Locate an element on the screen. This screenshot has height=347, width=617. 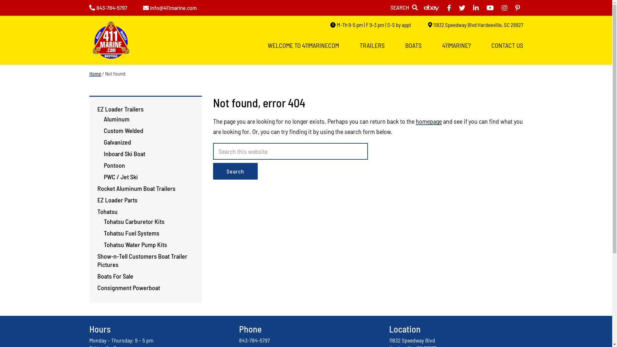
'Inboard Ski Boat' is located at coordinates (124, 154).